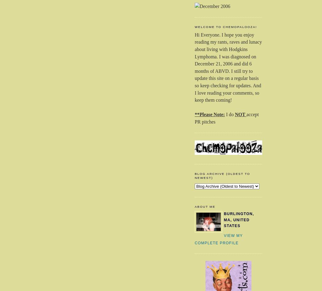 The image size is (322, 291). I want to click on 'Welcome to Chemopalooza!', so click(225, 26).